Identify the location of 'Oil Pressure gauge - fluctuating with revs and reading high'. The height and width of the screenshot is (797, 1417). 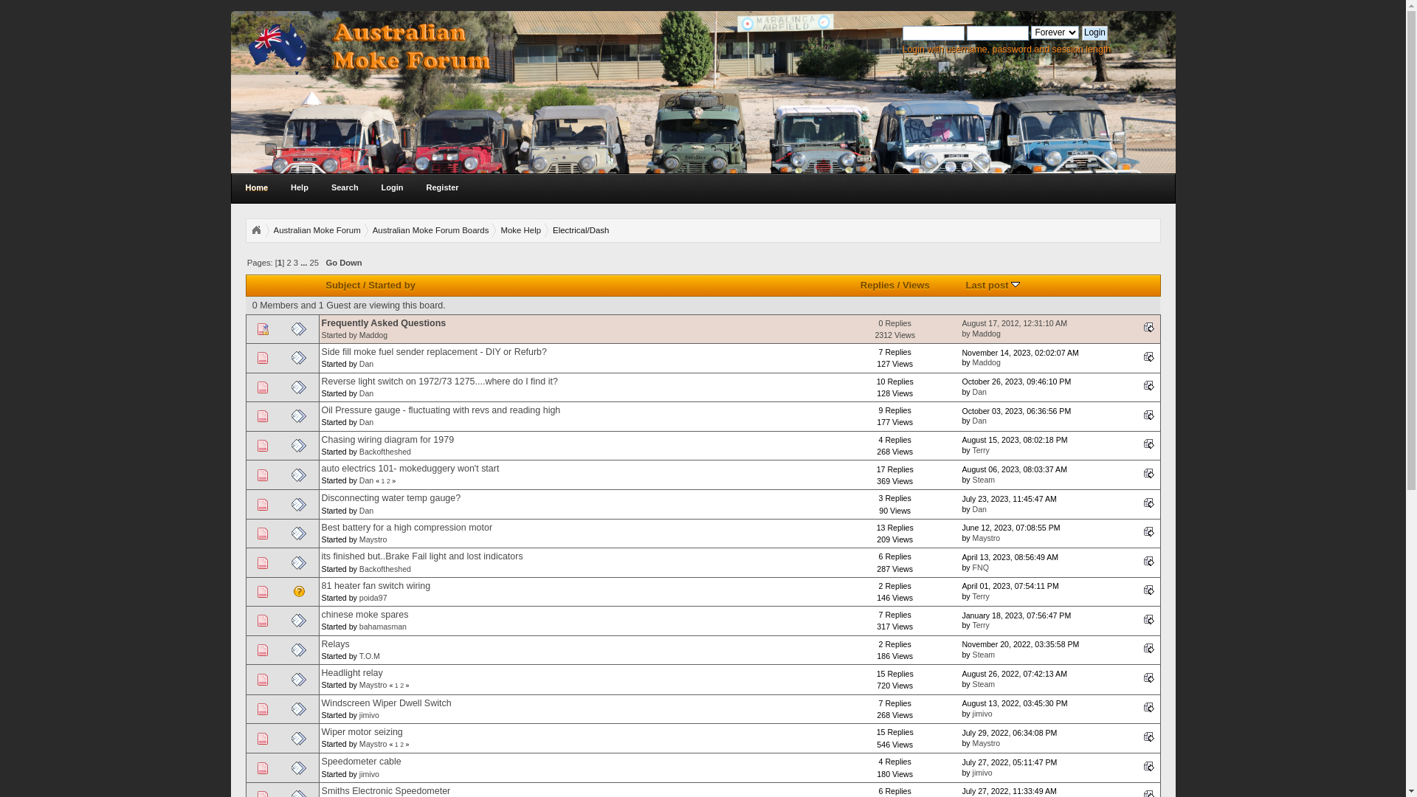
(441, 410).